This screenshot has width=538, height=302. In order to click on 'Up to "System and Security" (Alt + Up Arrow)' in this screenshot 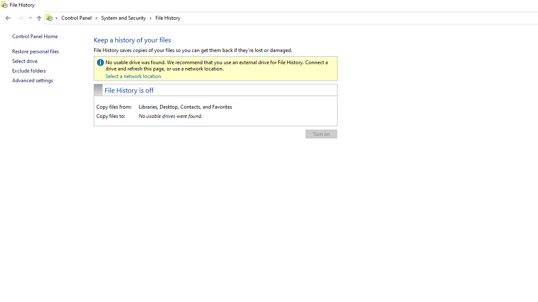, I will do `click(38, 18)`.